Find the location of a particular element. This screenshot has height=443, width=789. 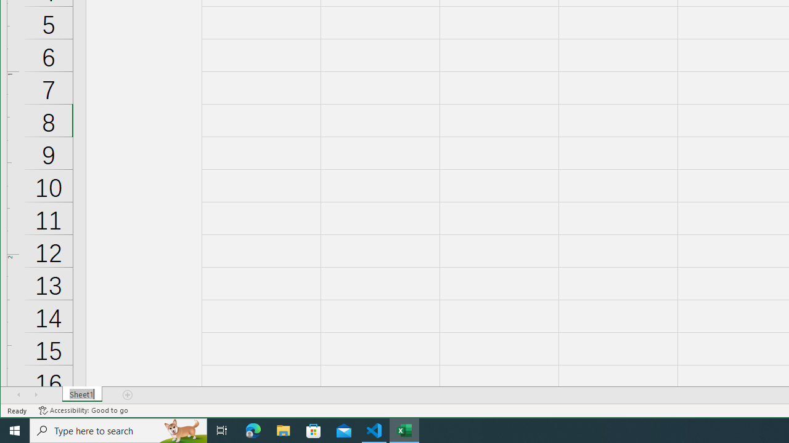

'Microsoft Store' is located at coordinates (314, 429).